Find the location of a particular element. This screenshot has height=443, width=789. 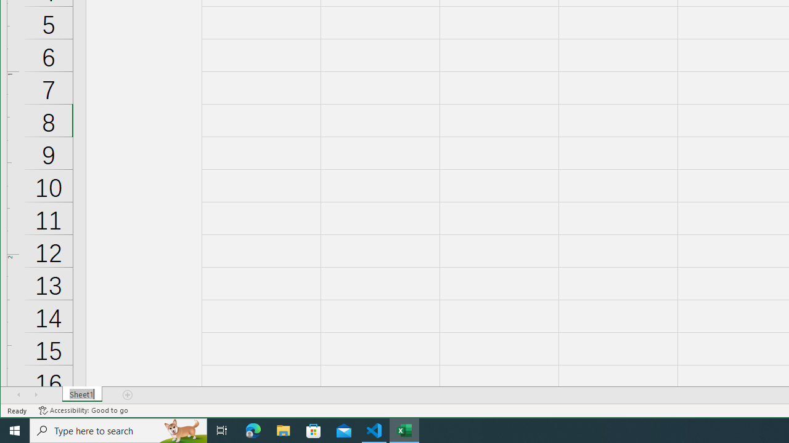

'Microsoft Store' is located at coordinates (314, 429).